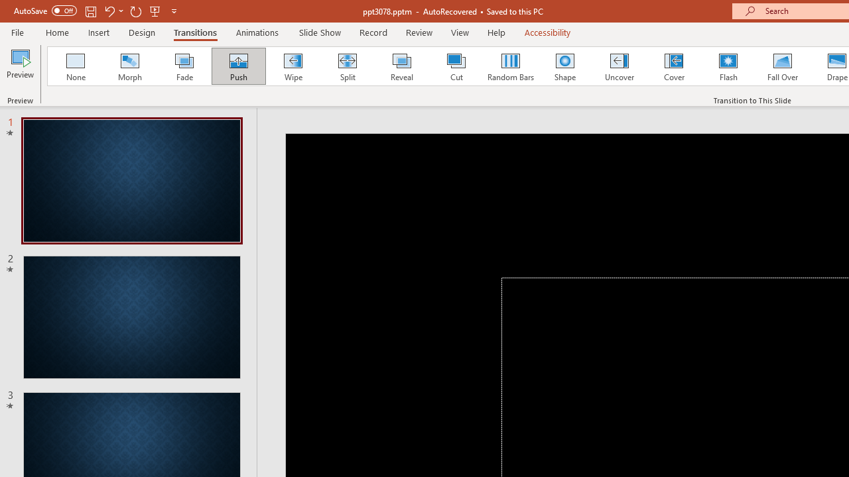 Image resolution: width=849 pixels, height=477 pixels. I want to click on 'Shape', so click(565, 66).